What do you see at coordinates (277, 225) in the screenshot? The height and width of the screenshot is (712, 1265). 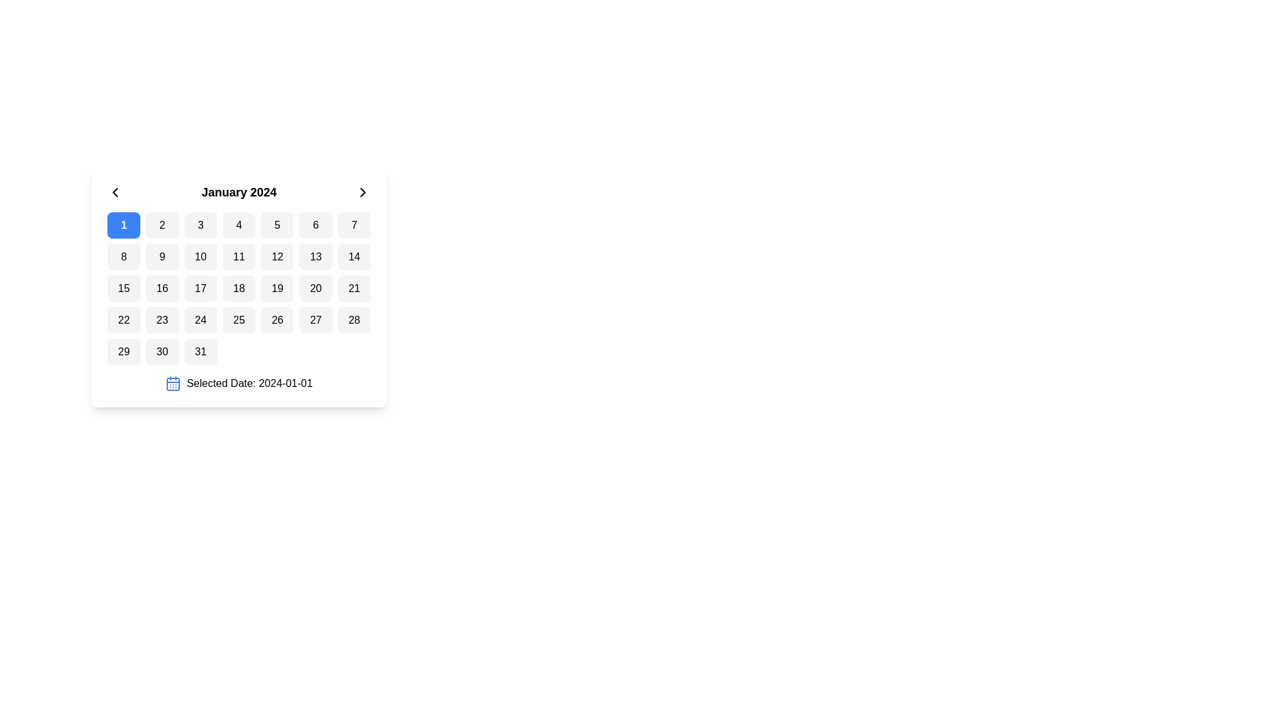 I see `the calendar date button representing the 5th day of the month` at bounding box center [277, 225].